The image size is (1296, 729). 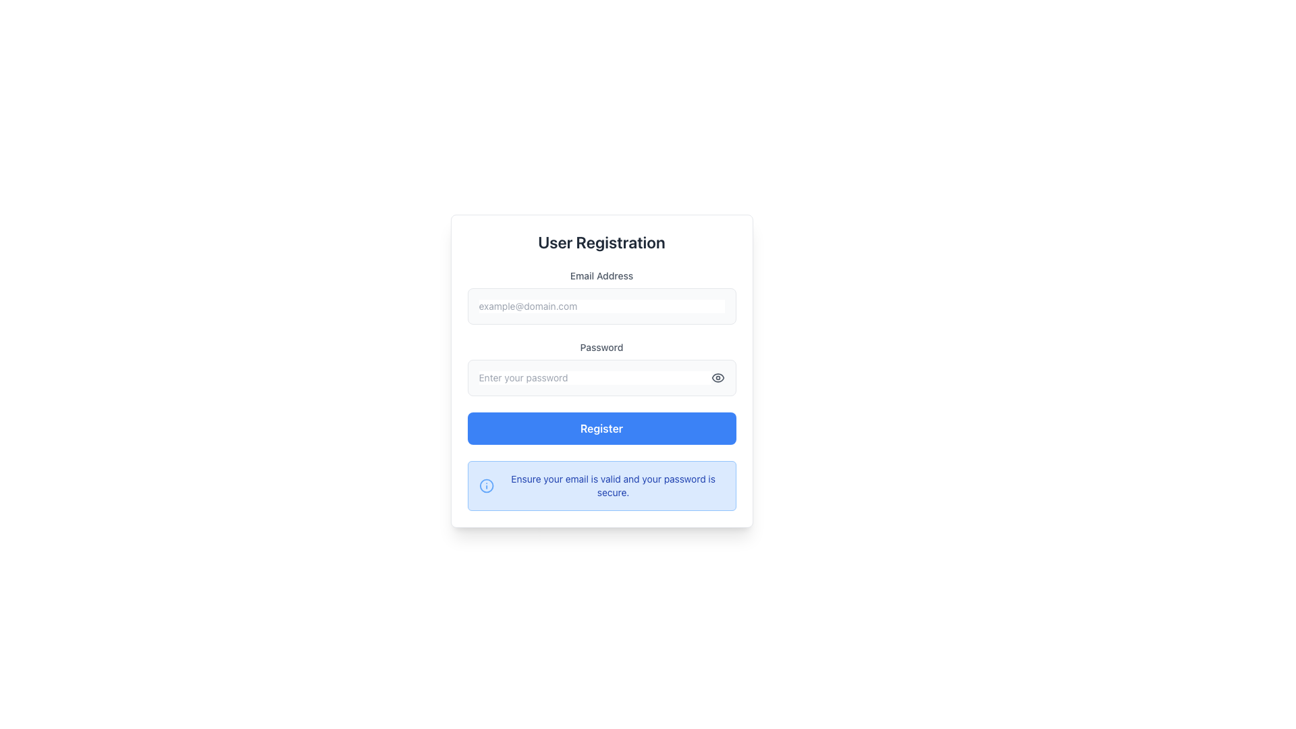 What do you see at coordinates (717, 377) in the screenshot?
I see `the button located at the far right of the password input field` at bounding box center [717, 377].